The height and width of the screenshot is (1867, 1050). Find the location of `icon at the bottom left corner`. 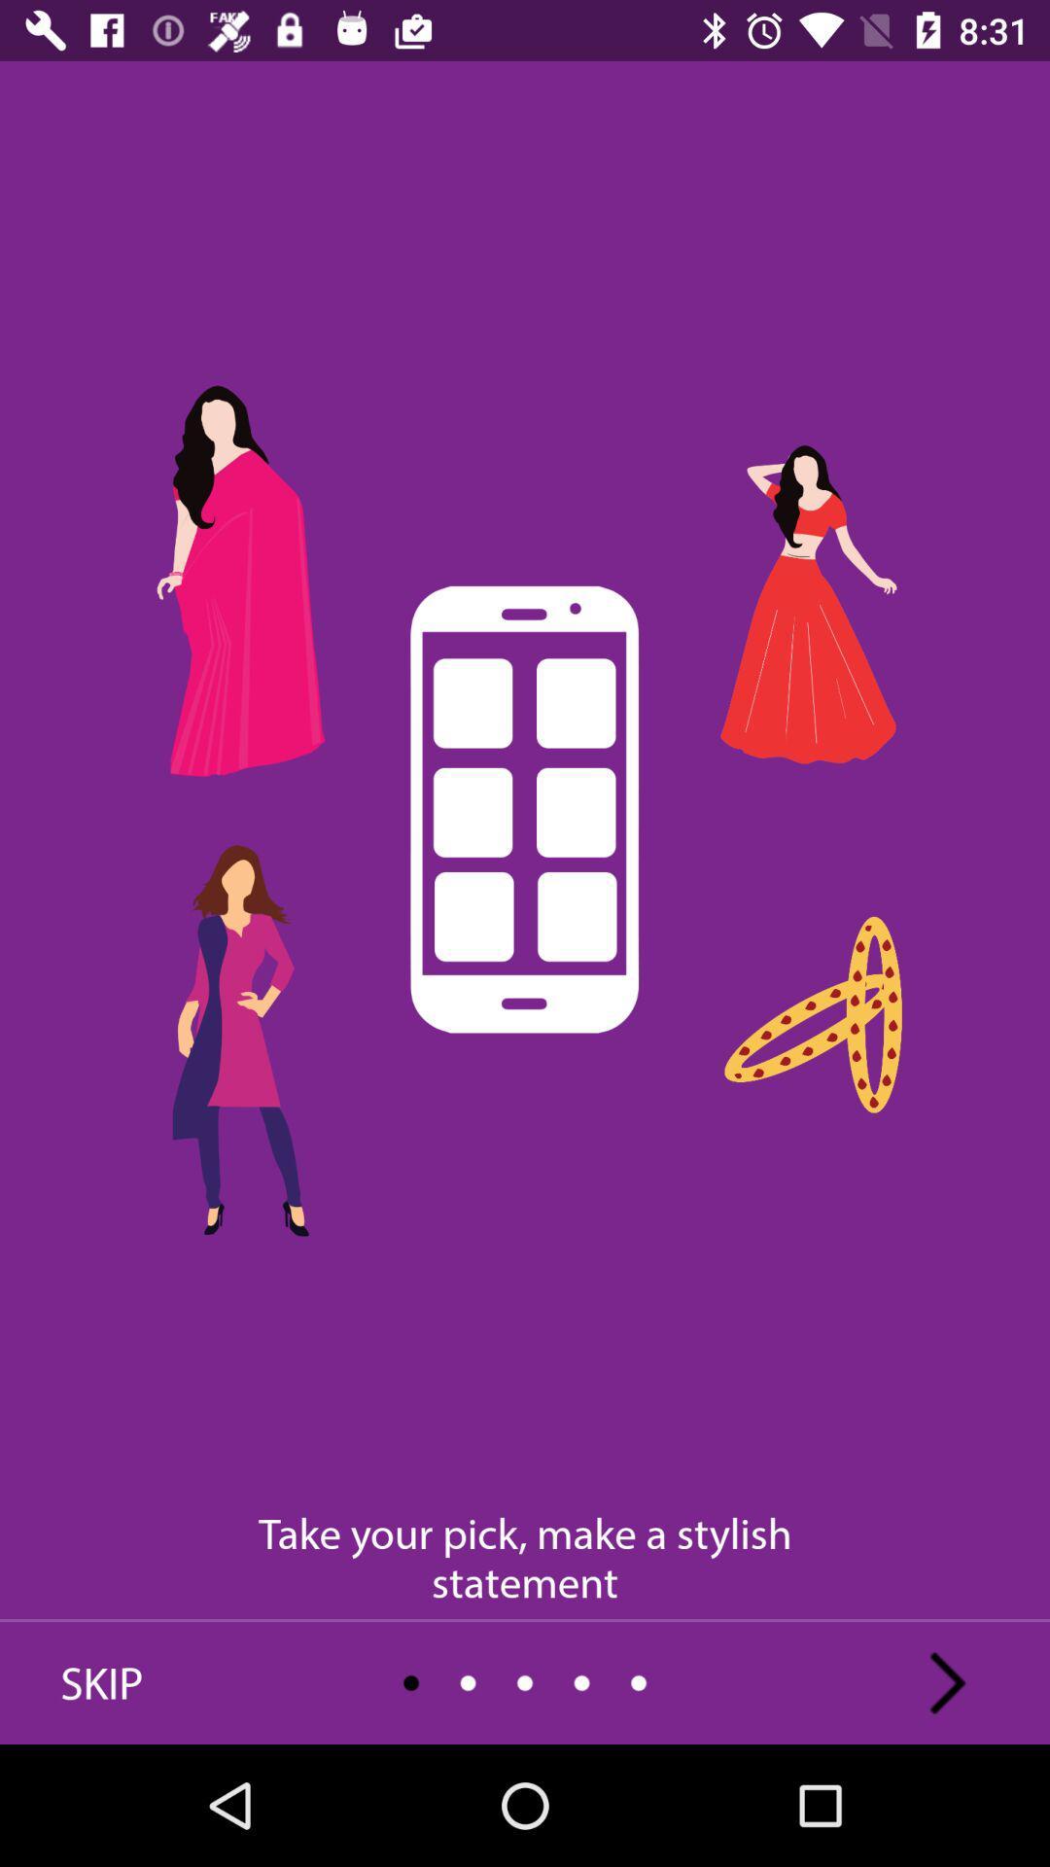

icon at the bottom left corner is located at coordinates (101, 1682).